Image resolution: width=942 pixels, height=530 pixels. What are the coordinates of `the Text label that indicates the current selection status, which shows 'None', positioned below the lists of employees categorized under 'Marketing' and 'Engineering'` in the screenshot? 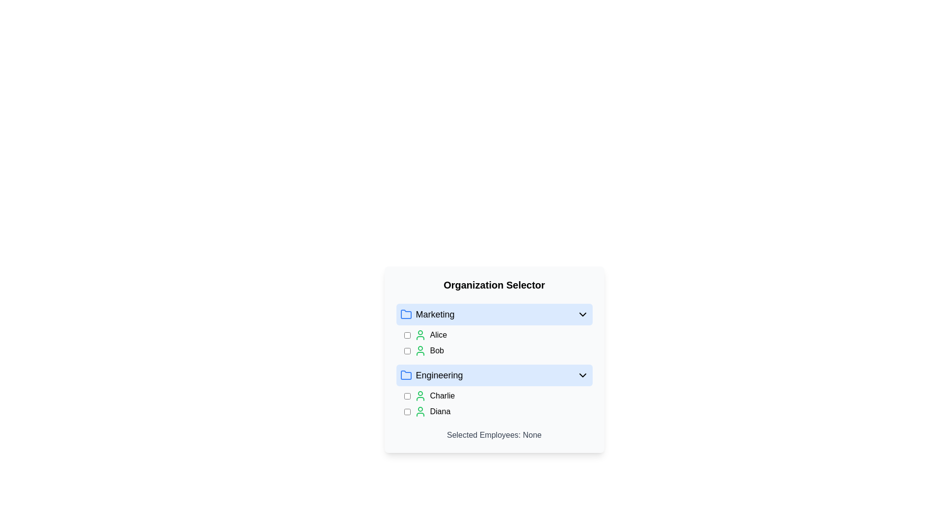 It's located at (494, 435).